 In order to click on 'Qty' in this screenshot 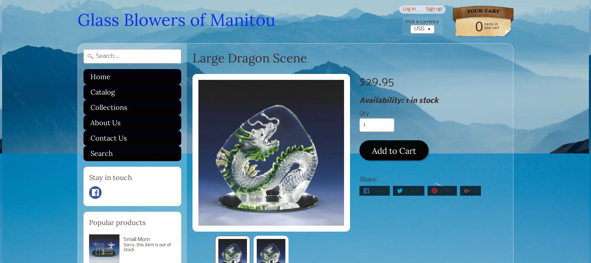, I will do `click(363, 113)`.